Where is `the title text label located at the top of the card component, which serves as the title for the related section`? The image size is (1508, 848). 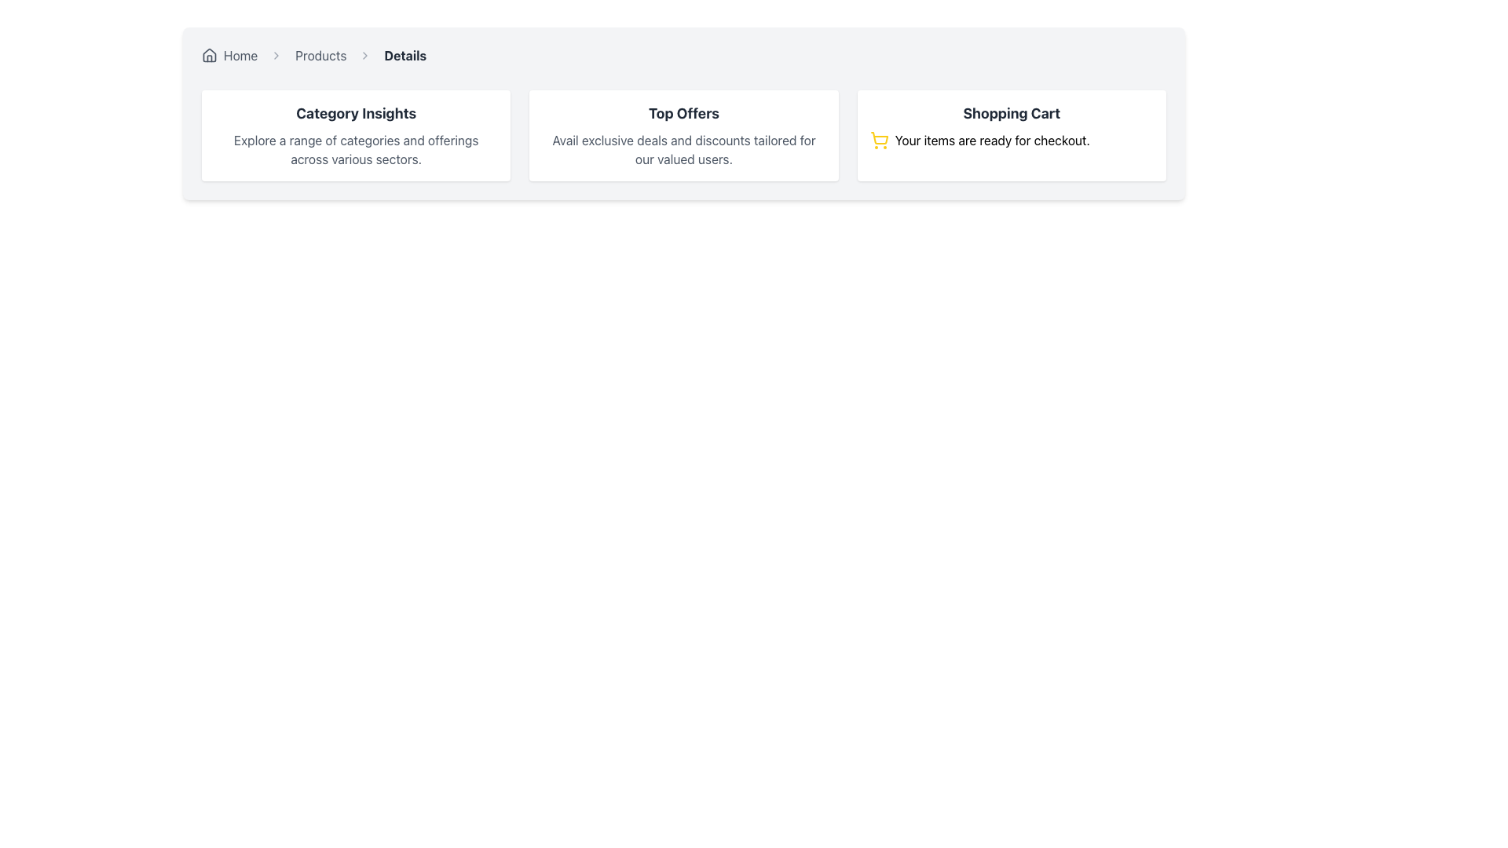 the title text label located at the top of the card component, which serves as the title for the related section is located at coordinates (355, 113).